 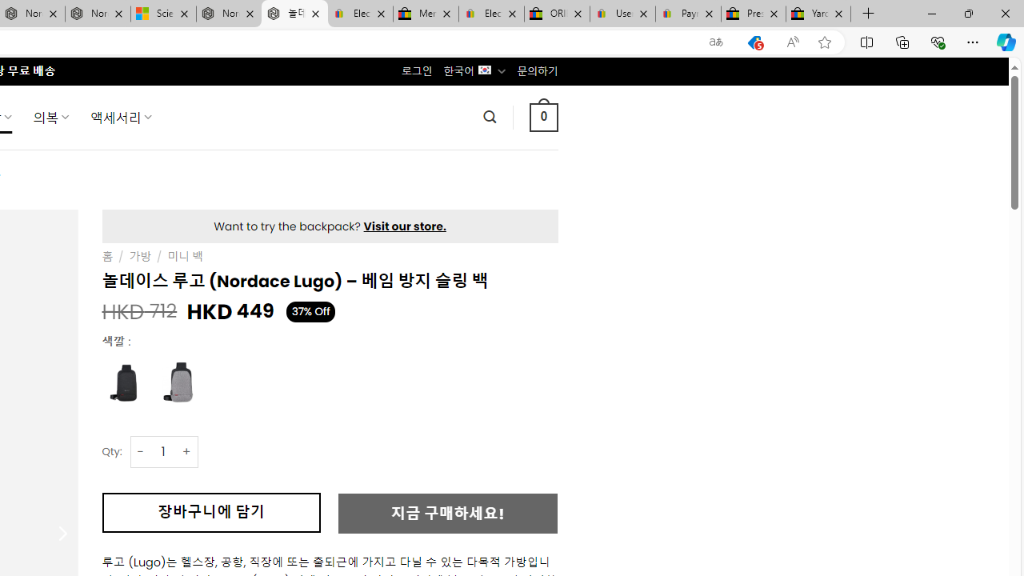 What do you see at coordinates (141, 451) in the screenshot?
I see `'-'` at bounding box center [141, 451].